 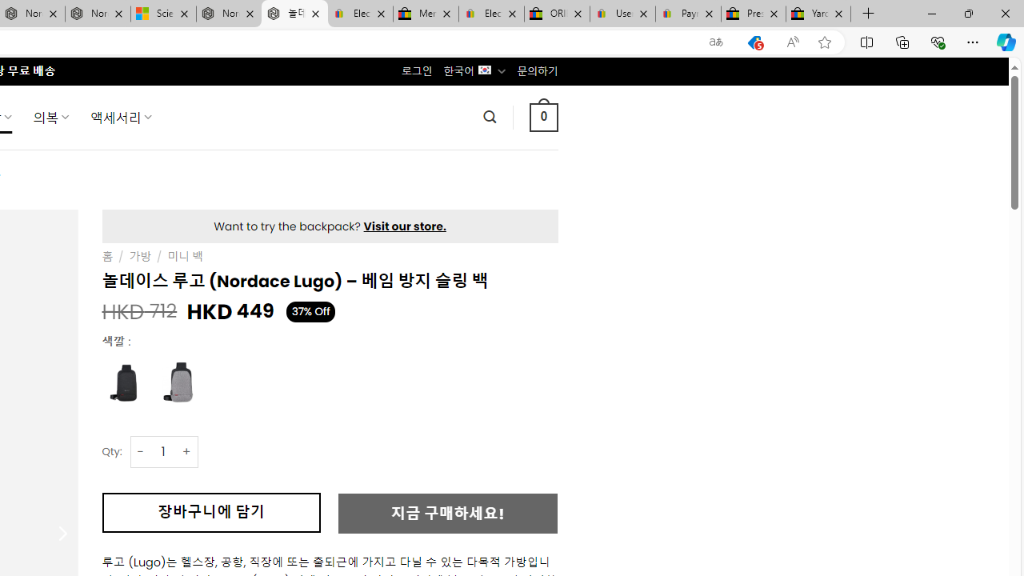 What do you see at coordinates (141, 451) in the screenshot?
I see `'-'` at bounding box center [141, 451].